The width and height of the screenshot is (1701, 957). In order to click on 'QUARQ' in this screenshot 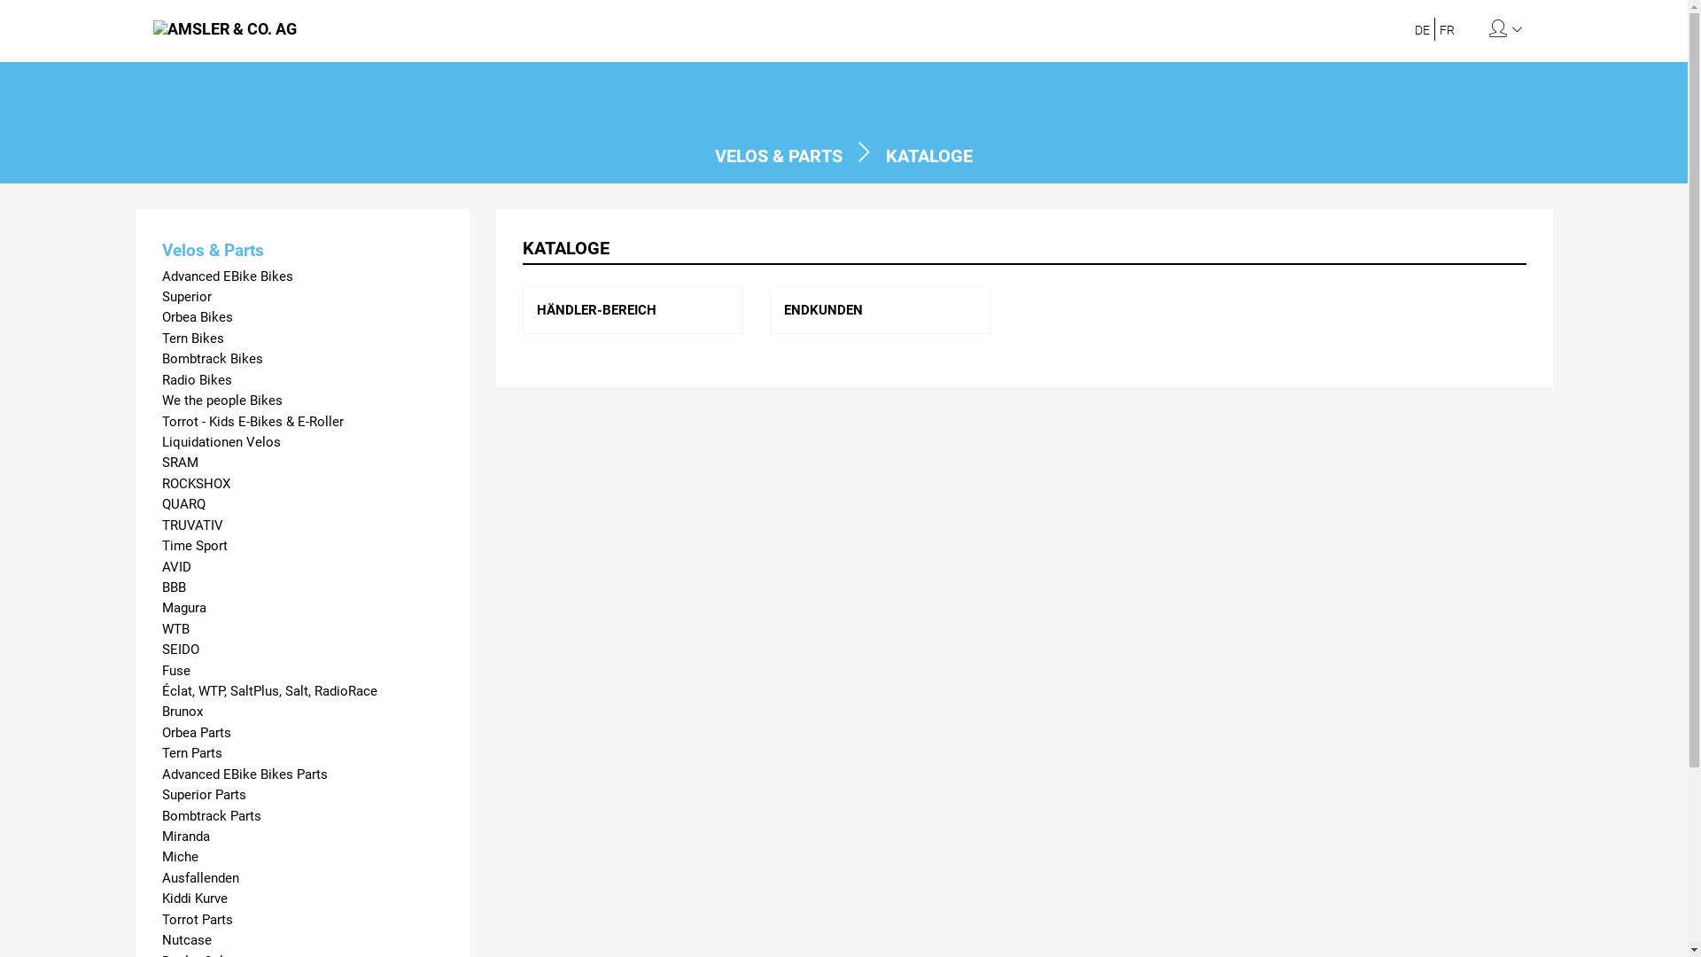, I will do `click(161, 504)`.